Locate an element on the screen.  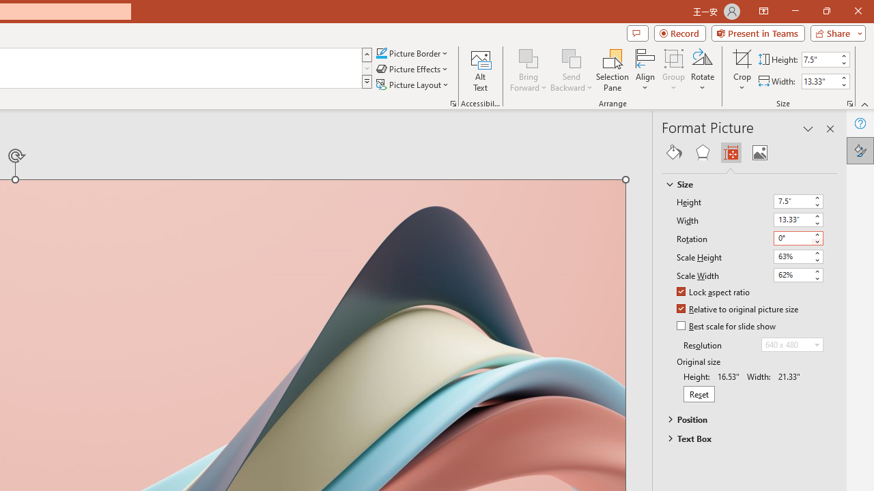
'Scale Width' is located at coordinates (798, 275).